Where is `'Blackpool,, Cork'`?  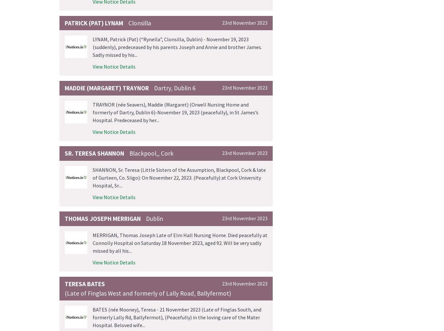
'Blackpool,, Cork' is located at coordinates (129, 153).